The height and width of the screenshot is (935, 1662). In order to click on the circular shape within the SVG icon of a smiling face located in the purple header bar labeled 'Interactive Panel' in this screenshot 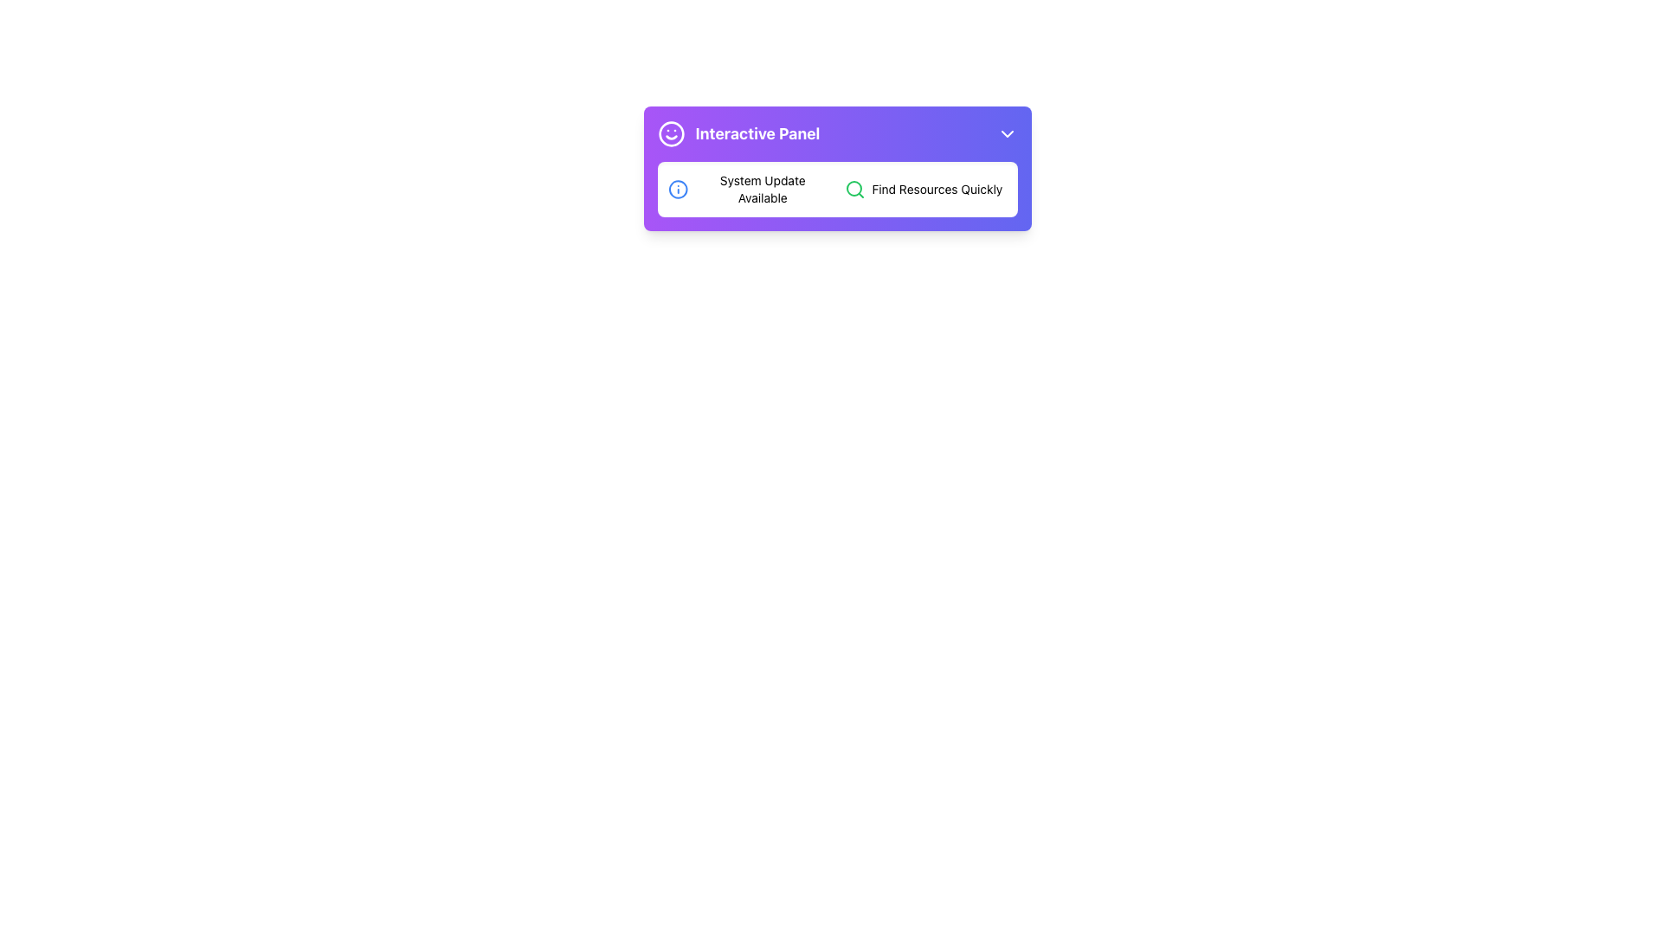, I will do `click(670, 132)`.